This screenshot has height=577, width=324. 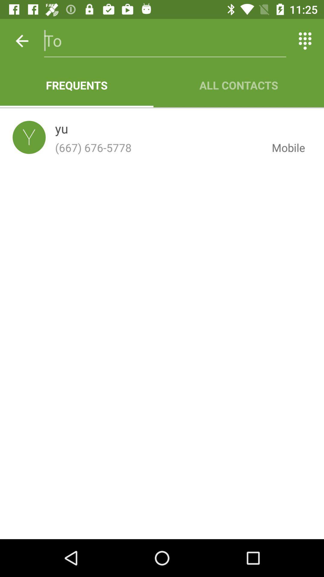 I want to click on the icon to the left of the yu, so click(x=29, y=137).